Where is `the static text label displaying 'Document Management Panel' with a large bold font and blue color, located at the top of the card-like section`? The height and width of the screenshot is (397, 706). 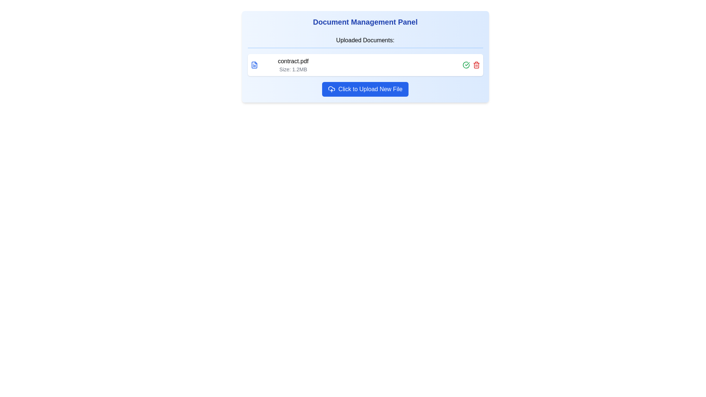
the static text label displaying 'Document Management Panel' with a large bold font and blue color, located at the top of the card-like section is located at coordinates (365, 22).